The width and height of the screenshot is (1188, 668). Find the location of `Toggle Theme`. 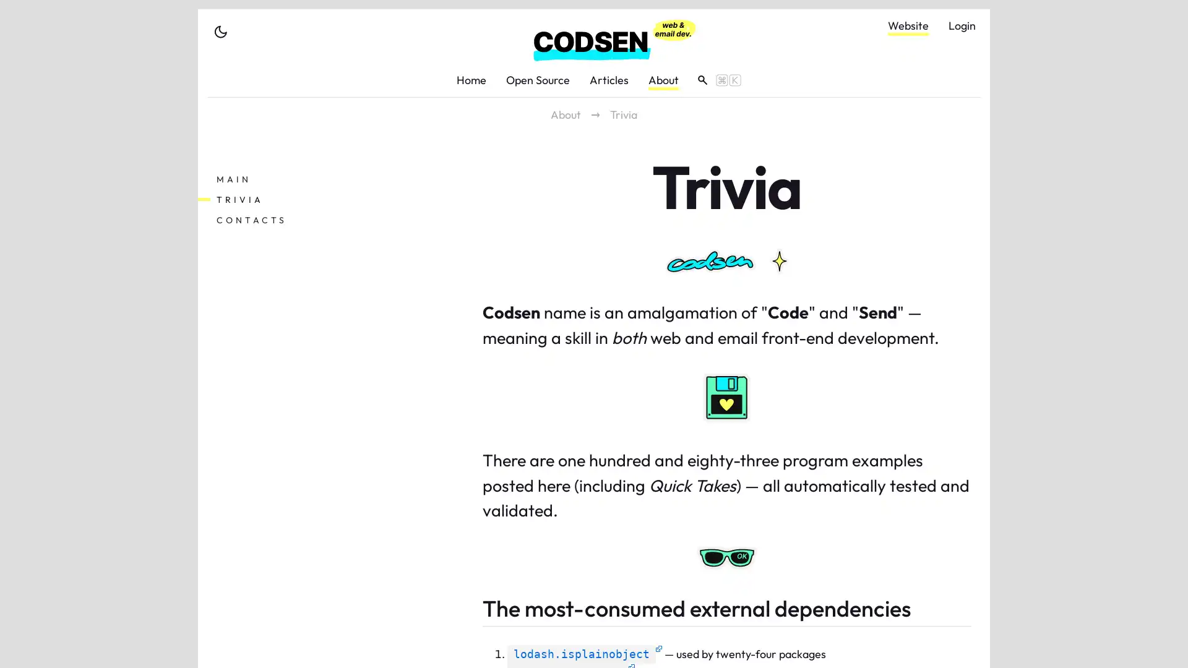

Toggle Theme is located at coordinates (220, 31).